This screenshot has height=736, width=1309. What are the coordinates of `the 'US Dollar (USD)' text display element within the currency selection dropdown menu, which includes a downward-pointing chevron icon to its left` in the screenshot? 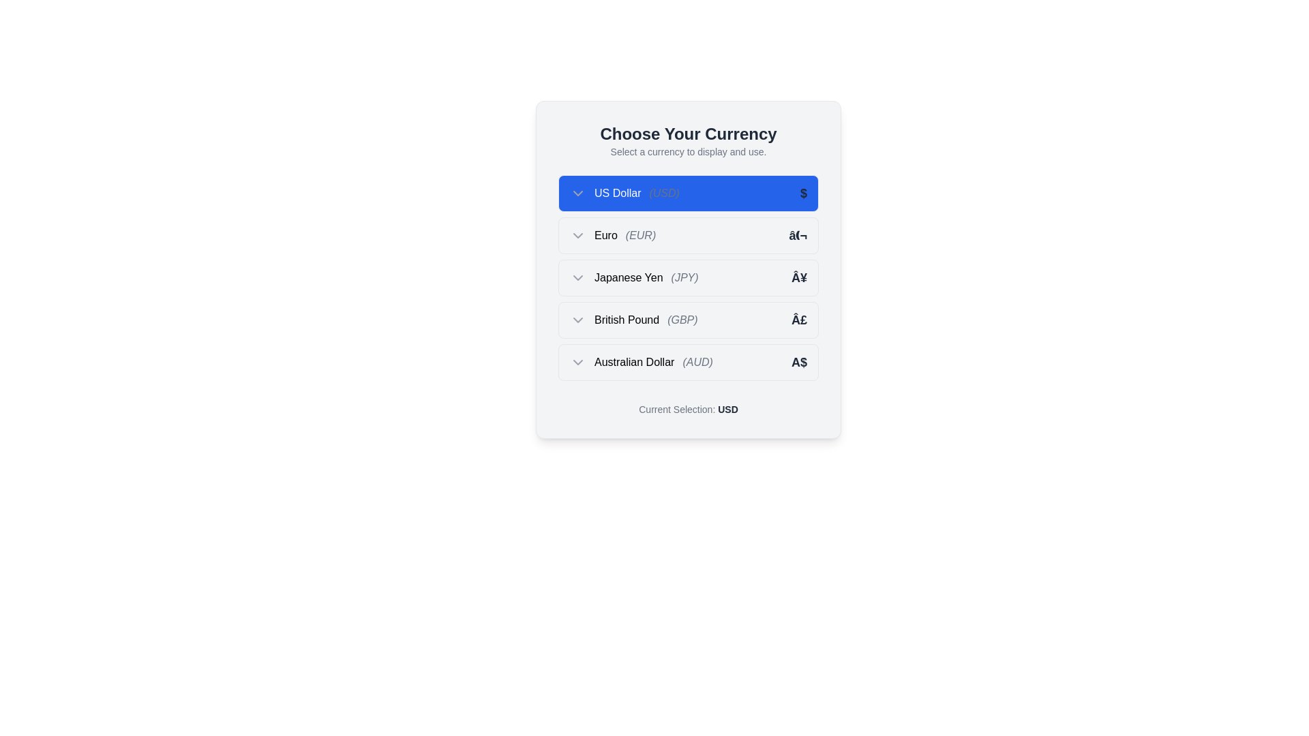 It's located at (624, 194).